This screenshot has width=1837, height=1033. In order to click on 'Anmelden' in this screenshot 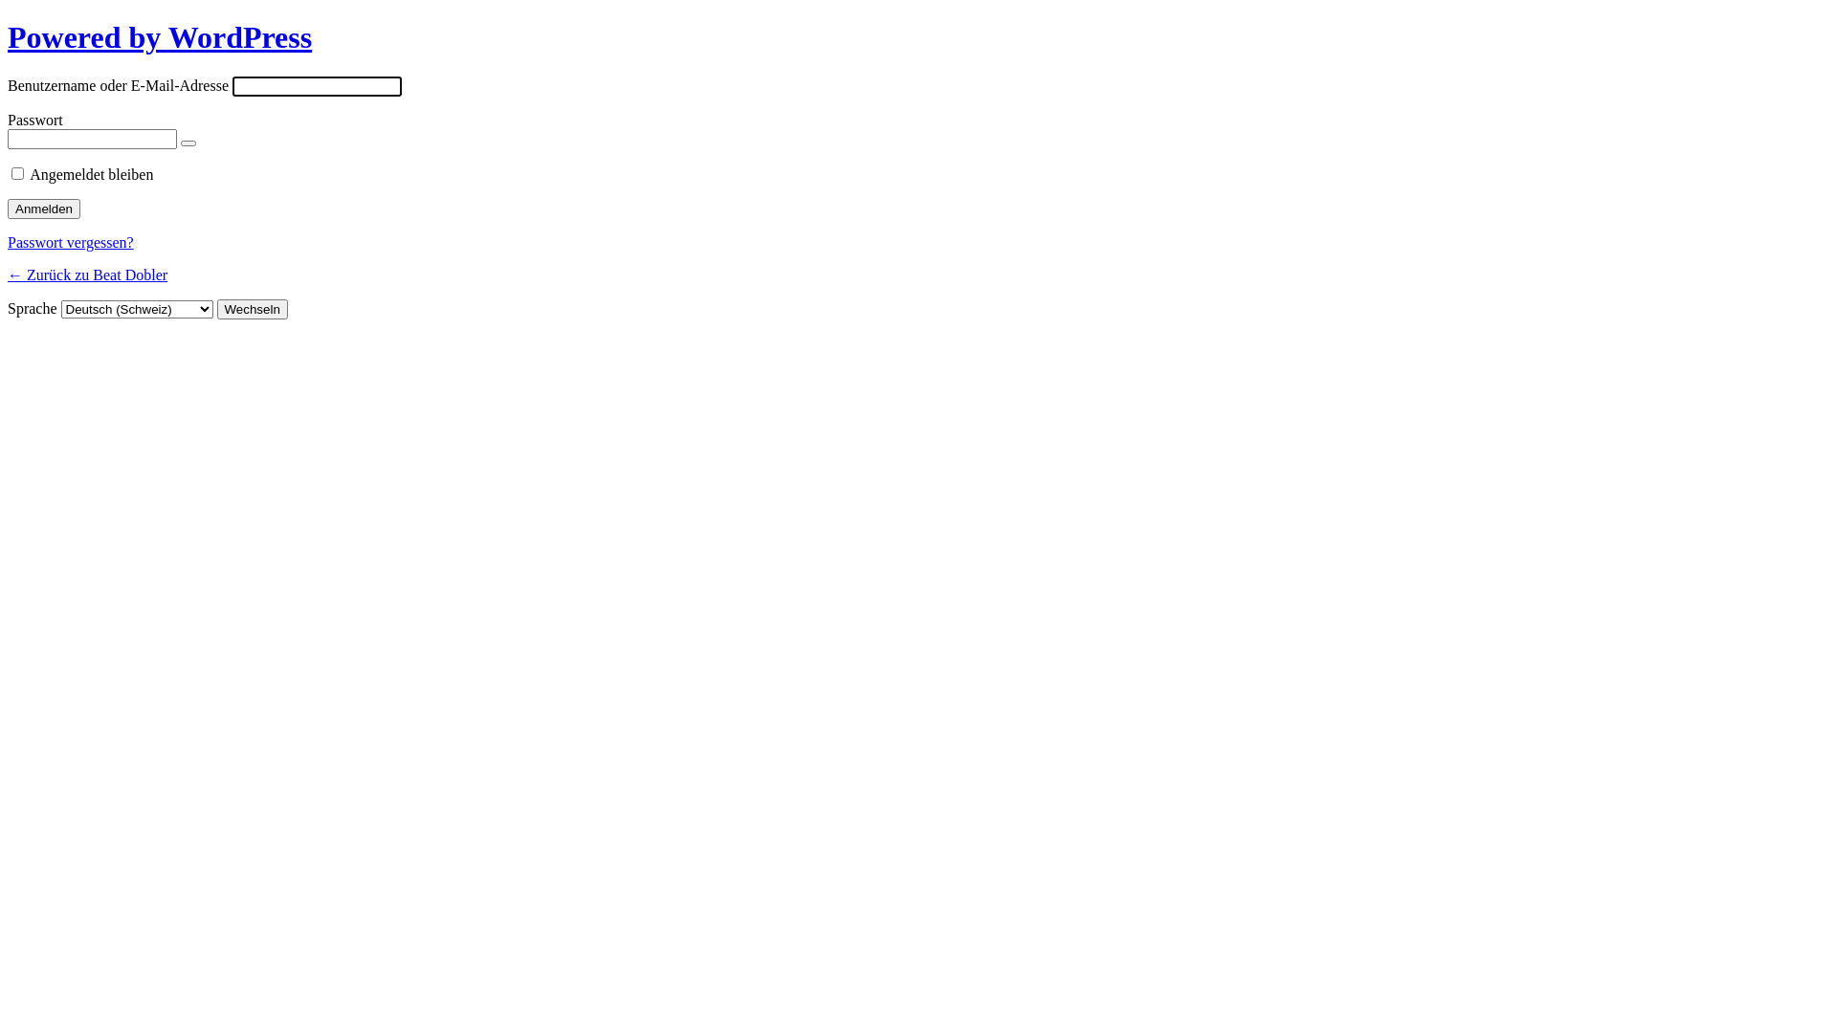, I will do `click(44, 209)`.